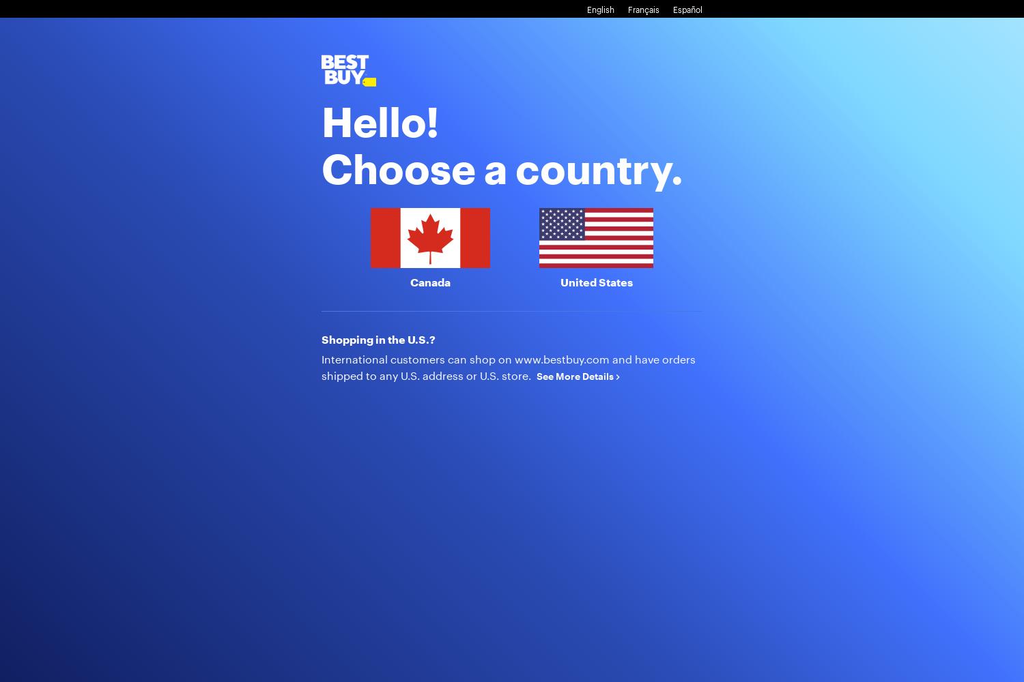 The height and width of the screenshot is (682, 1024). I want to click on 'United States', so click(595, 282).